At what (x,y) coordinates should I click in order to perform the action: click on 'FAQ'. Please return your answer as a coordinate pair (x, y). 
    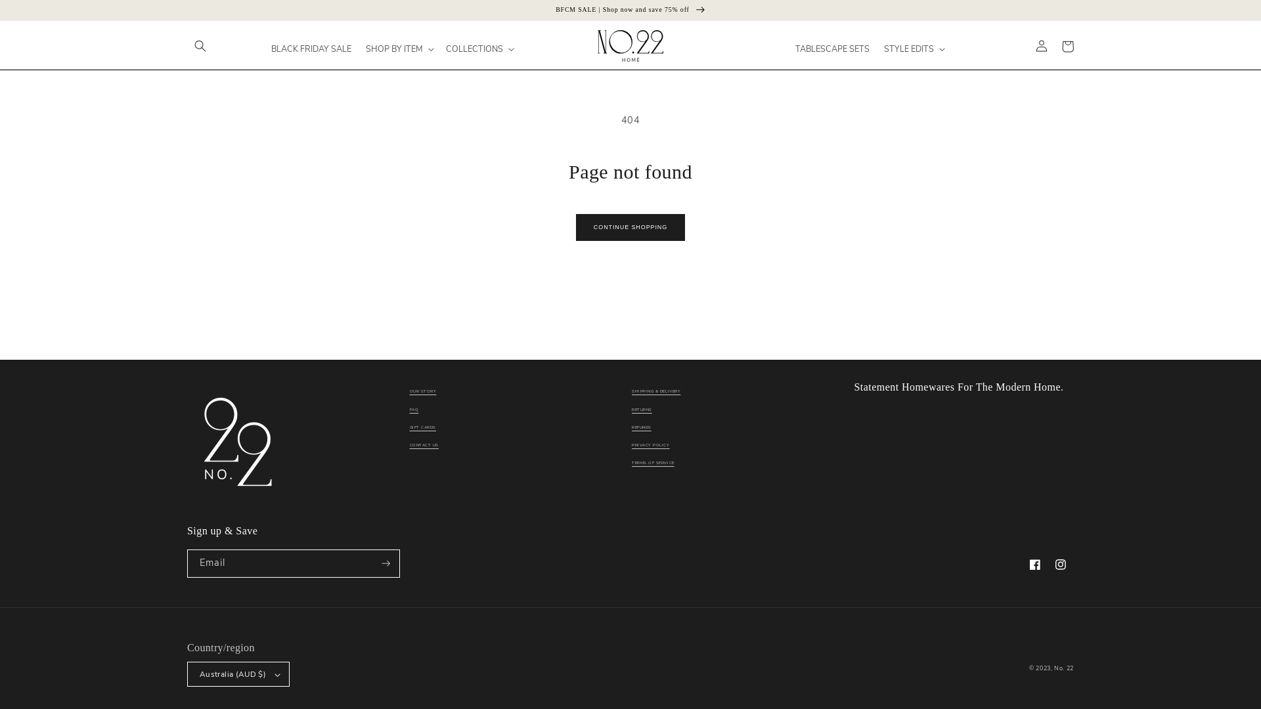
    Looking at the image, I should click on (409, 409).